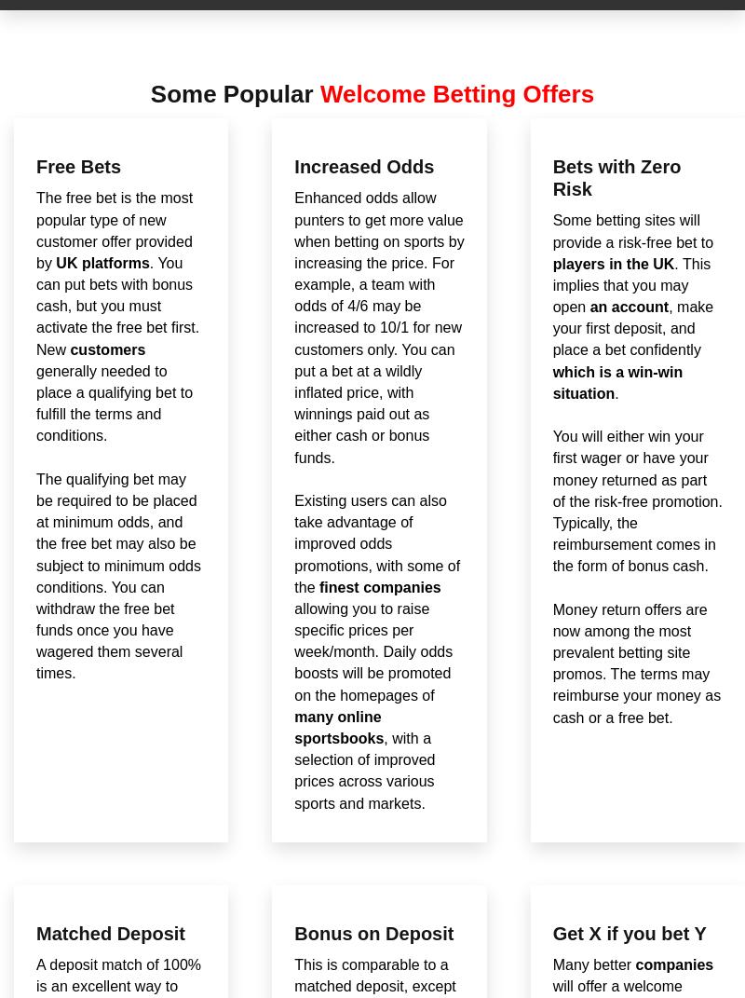 Image resolution: width=745 pixels, height=998 pixels. What do you see at coordinates (363, 165) in the screenshot?
I see `'Increased Odds'` at bounding box center [363, 165].